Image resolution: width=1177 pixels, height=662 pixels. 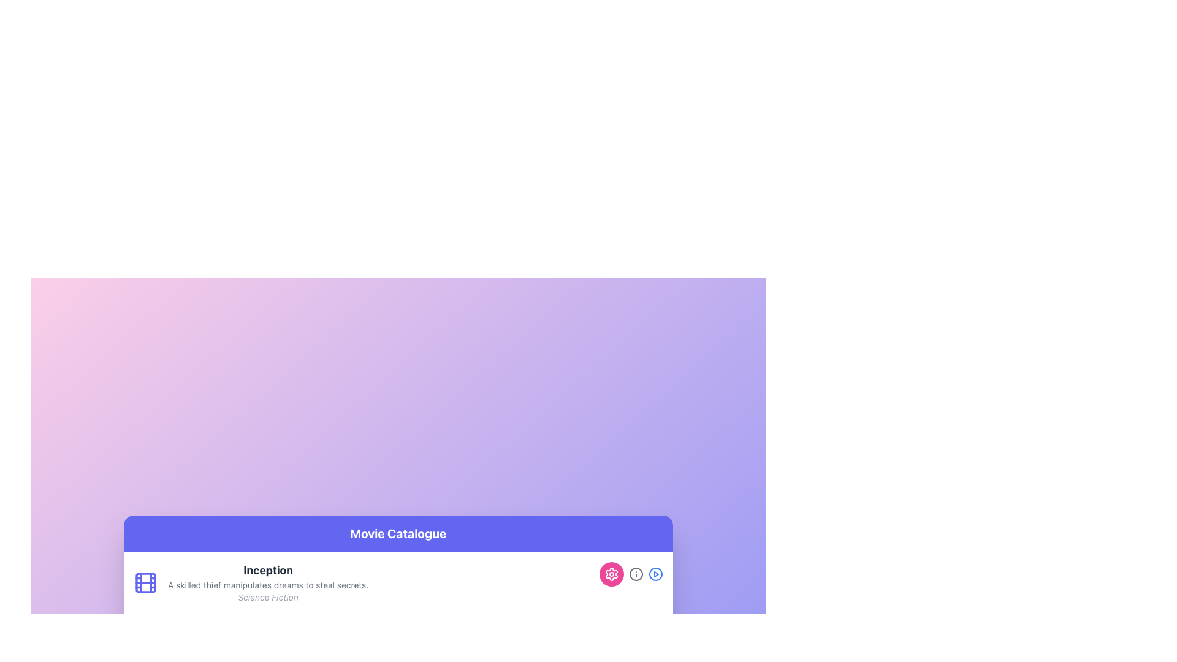 I want to click on the circular play button icon located on the far right side of the group of circular icons to initiate playback, so click(x=655, y=574).